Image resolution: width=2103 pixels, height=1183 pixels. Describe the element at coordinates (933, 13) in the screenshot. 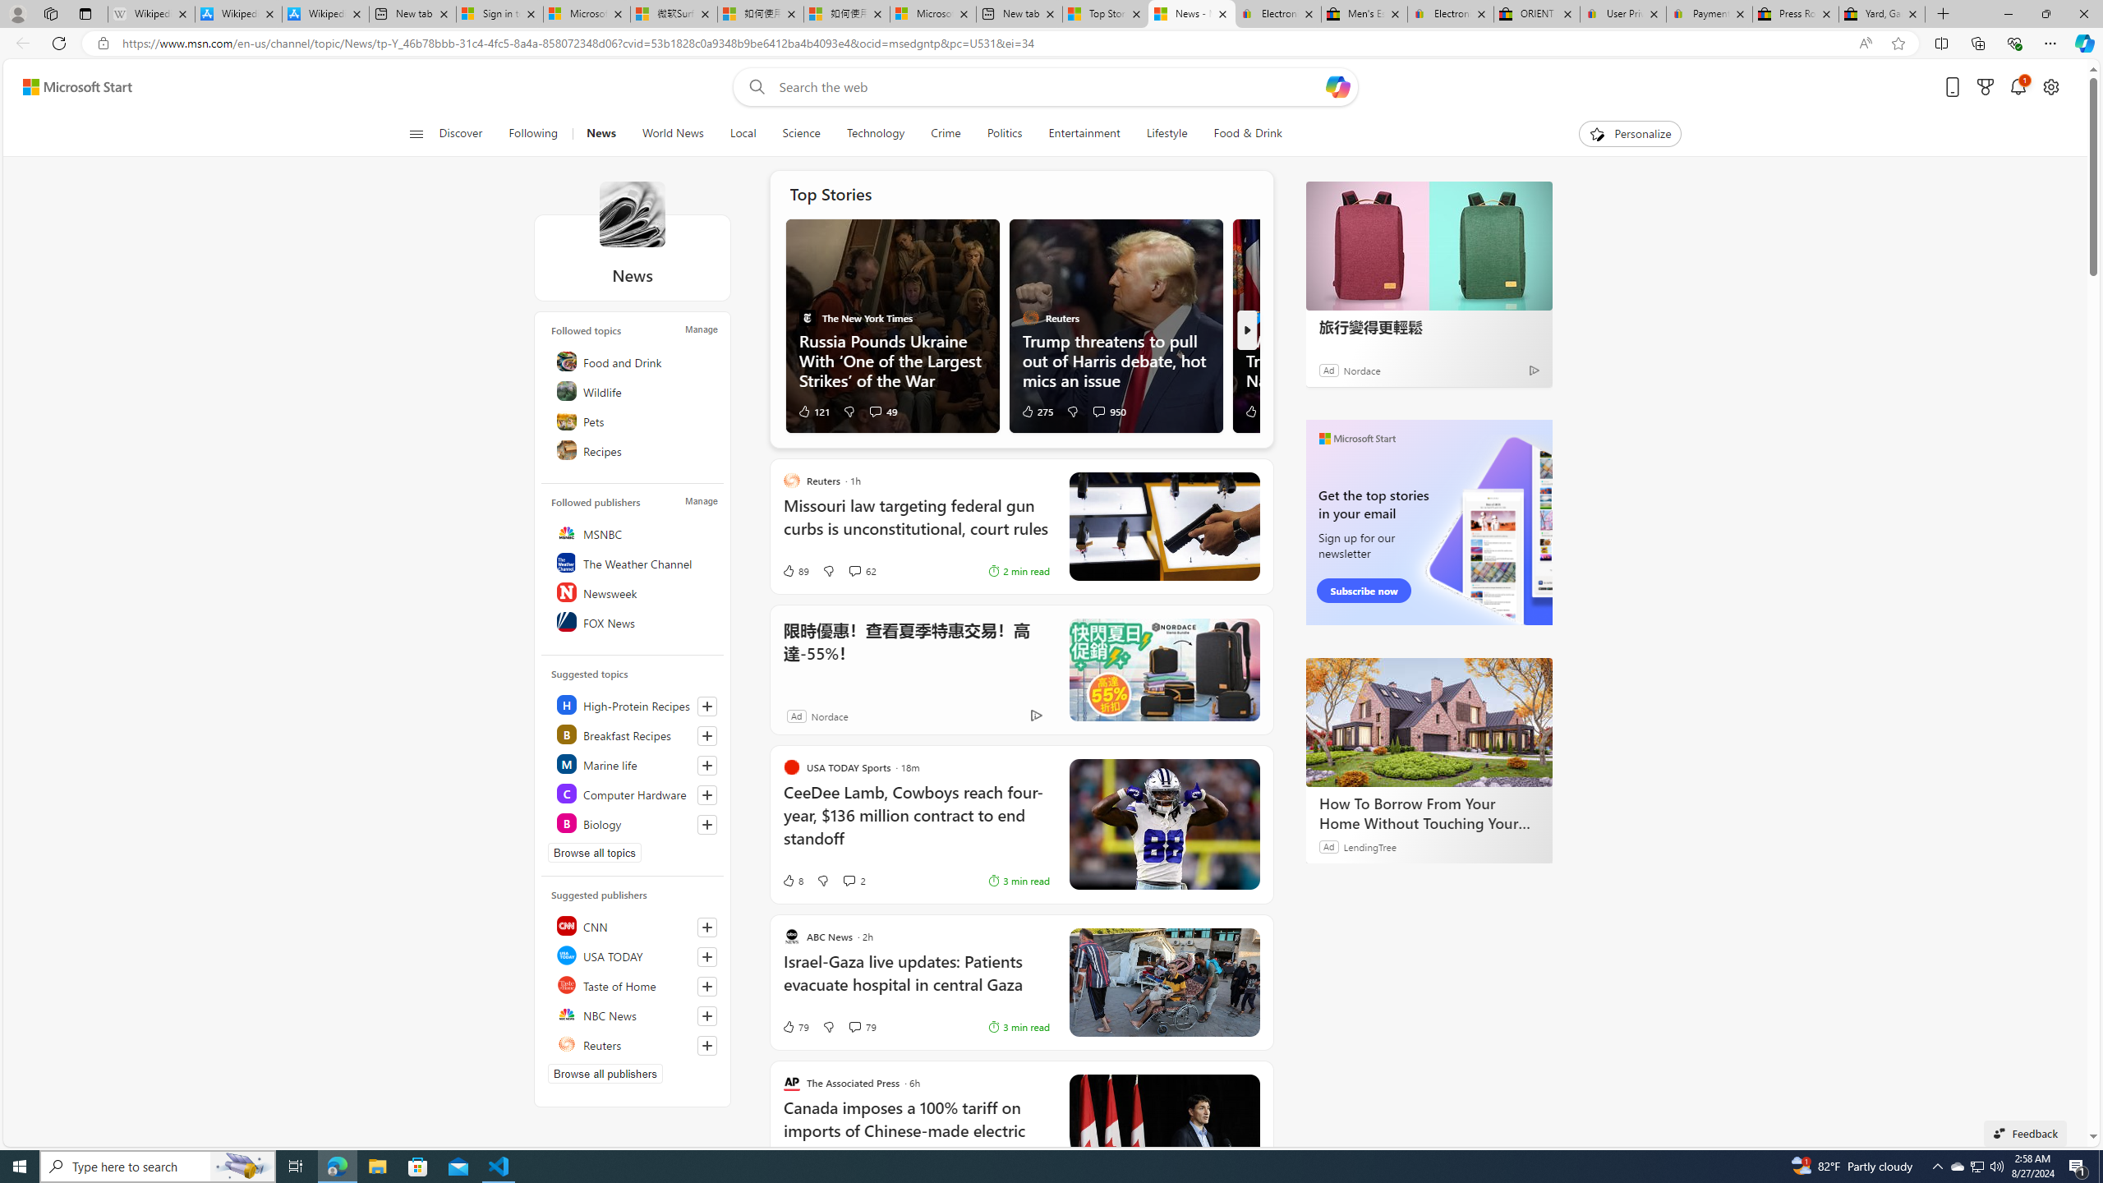

I see `'Microsoft account | Account Checkup'` at that location.